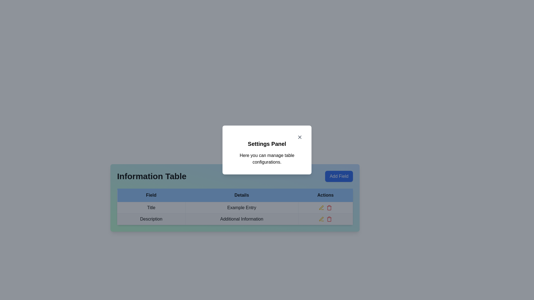  I want to click on the close button located in the upper-right corner of the 'Settings Panel' modal dialog, so click(300, 137).